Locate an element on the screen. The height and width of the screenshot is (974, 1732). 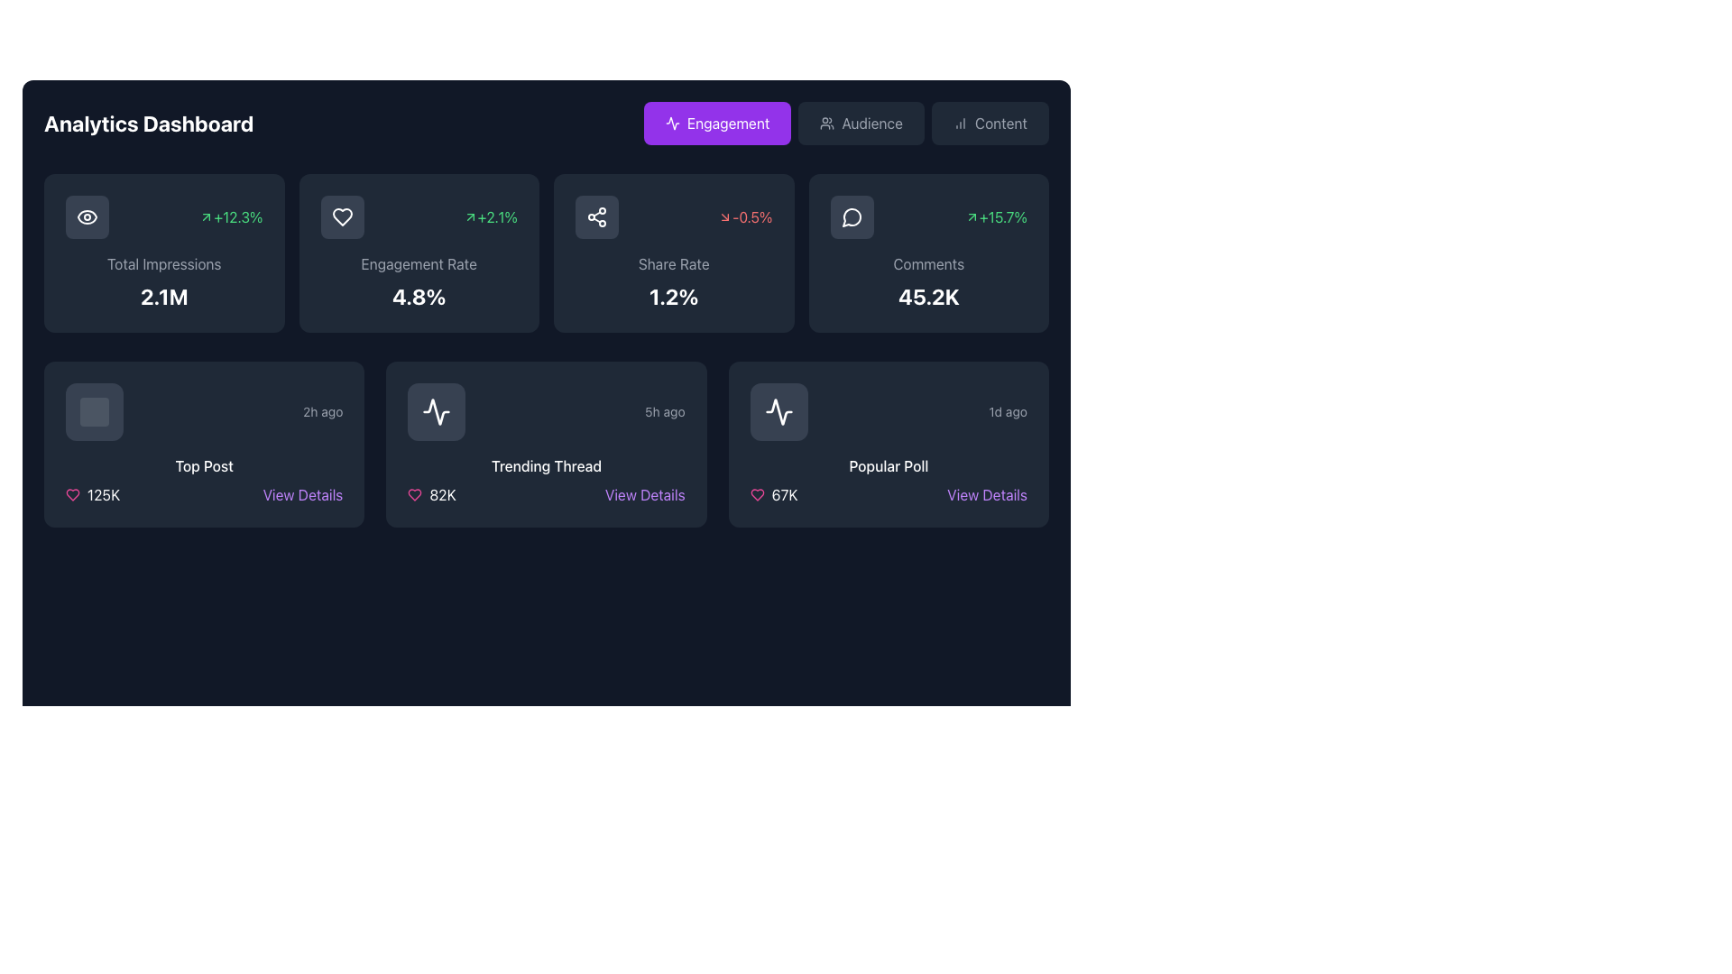
text content of the label displaying 'Comments' in light gray font, which is positioned above the numerical value '45.2K' is located at coordinates (928, 264).